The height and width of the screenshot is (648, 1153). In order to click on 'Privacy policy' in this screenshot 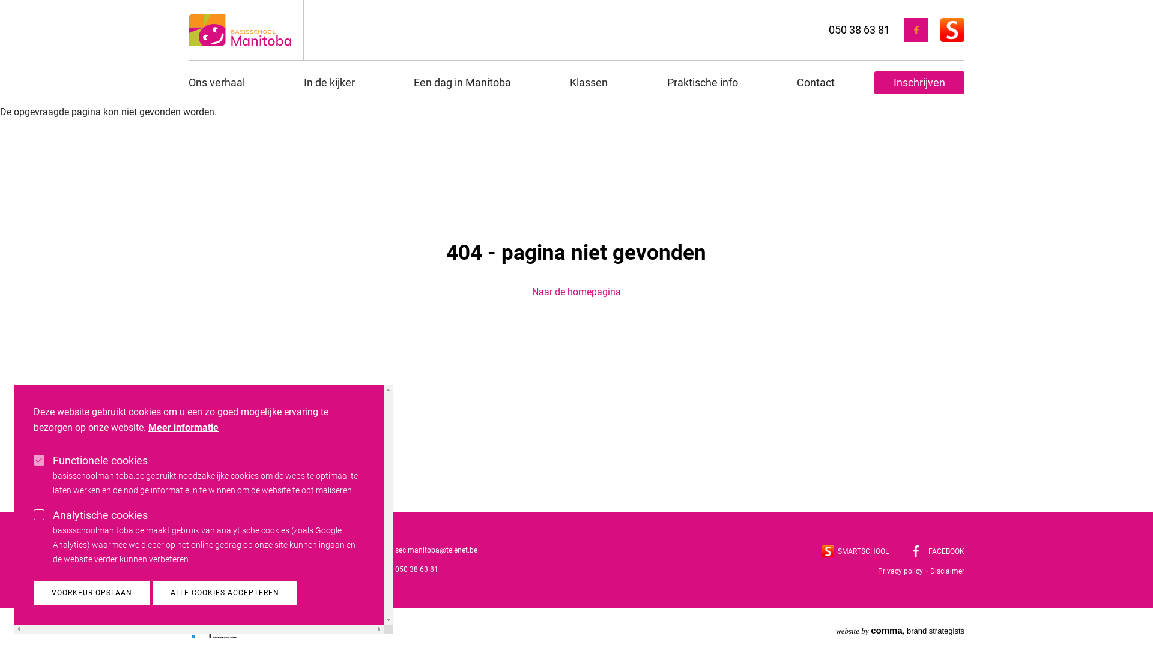, I will do `click(900, 571)`.